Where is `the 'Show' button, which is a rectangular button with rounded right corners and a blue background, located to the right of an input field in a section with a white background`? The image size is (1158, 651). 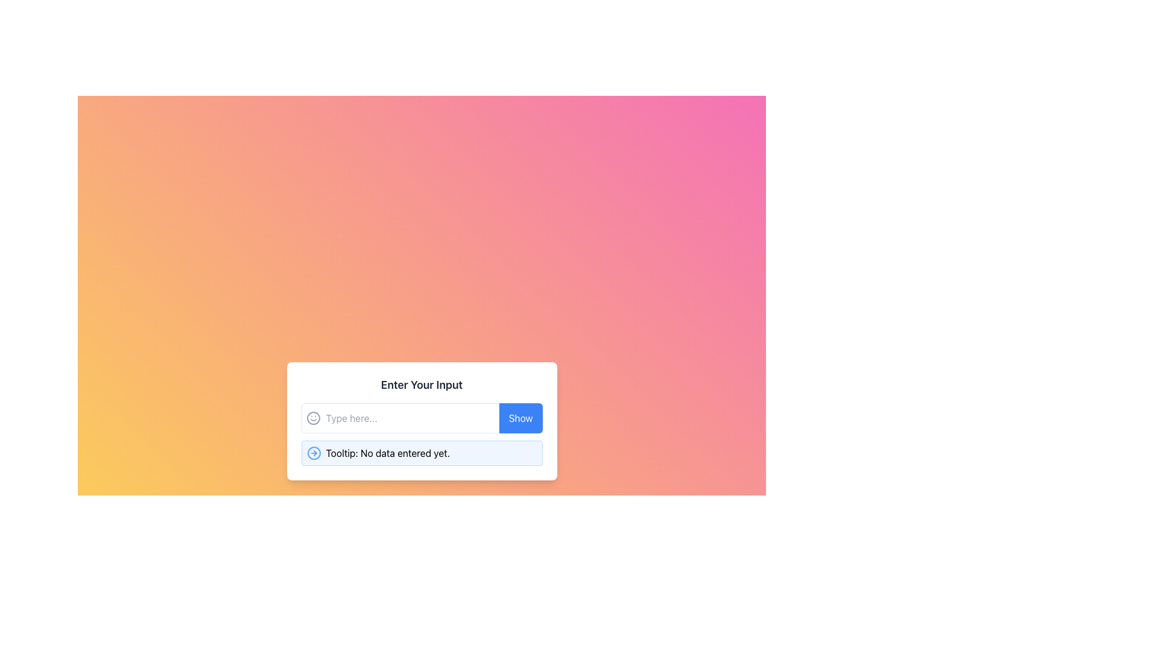 the 'Show' button, which is a rectangular button with rounded right corners and a blue background, located to the right of an input field in a section with a white background is located at coordinates (520, 418).